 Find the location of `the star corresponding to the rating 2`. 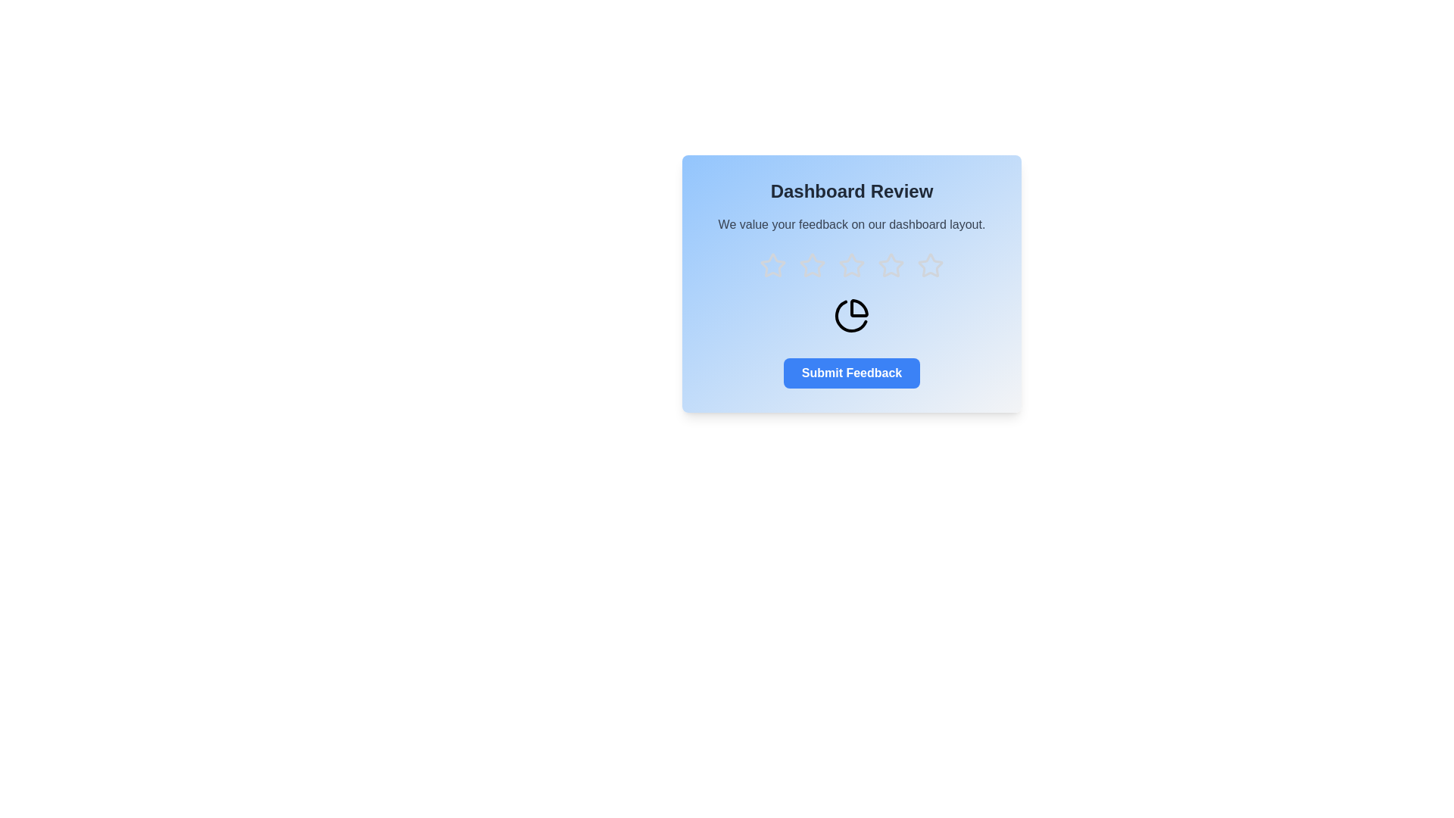

the star corresponding to the rating 2 is located at coordinates (812, 265).